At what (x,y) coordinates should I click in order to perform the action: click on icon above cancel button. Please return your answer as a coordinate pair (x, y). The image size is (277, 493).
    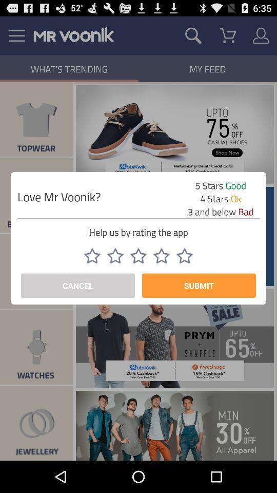
    Looking at the image, I should click on (138, 255).